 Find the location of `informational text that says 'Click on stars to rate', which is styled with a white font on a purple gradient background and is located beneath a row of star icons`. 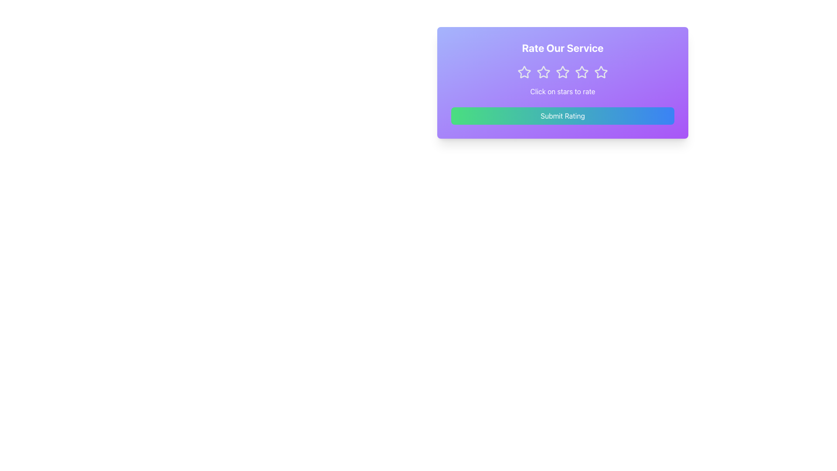

informational text that says 'Click on stars to rate', which is styled with a white font on a purple gradient background and is located beneath a row of star icons is located at coordinates (563, 91).